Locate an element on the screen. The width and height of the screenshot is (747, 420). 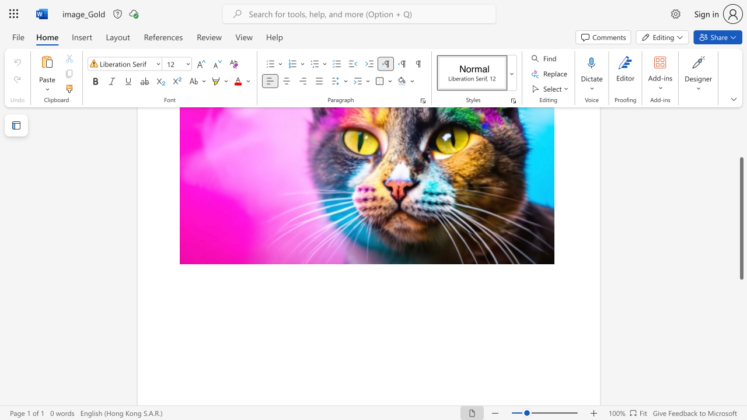
the scrollbar on the right side to scroll the page up is located at coordinates (741, 145).